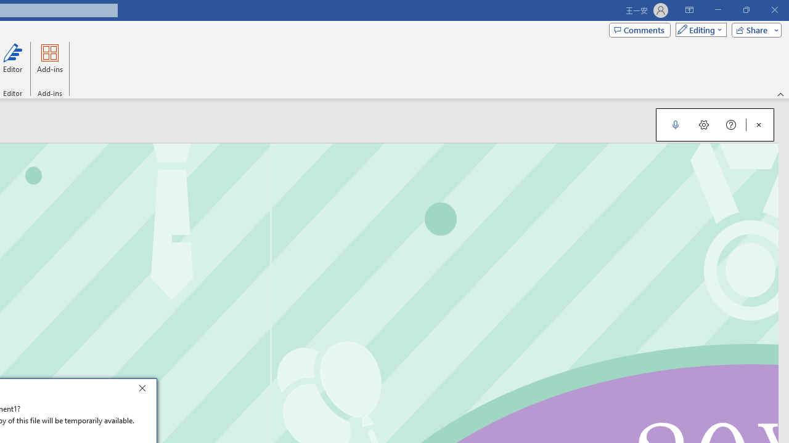 This screenshot has height=443, width=789. What do you see at coordinates (758, 125) in the screenshot?
I see `'Close Dictation'` at bounding box center [758, 125].